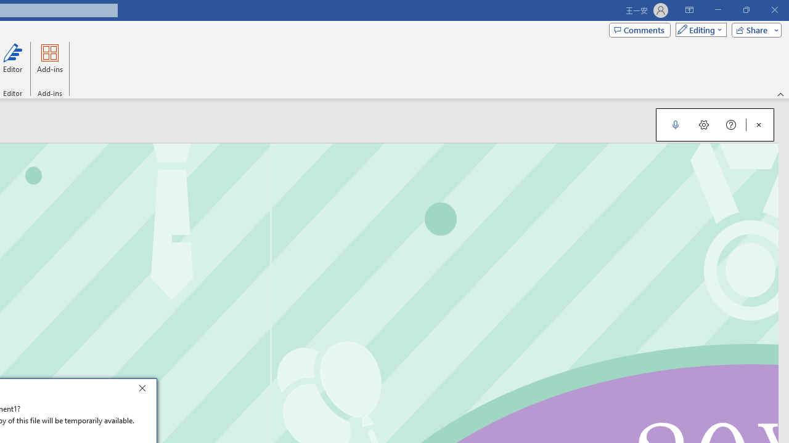 This screenshot has height=443, width=789. What do you see at coordinates (758, 125) in the screenshot?
I see `'Close Dictation'` at bounding box center [758, 125].